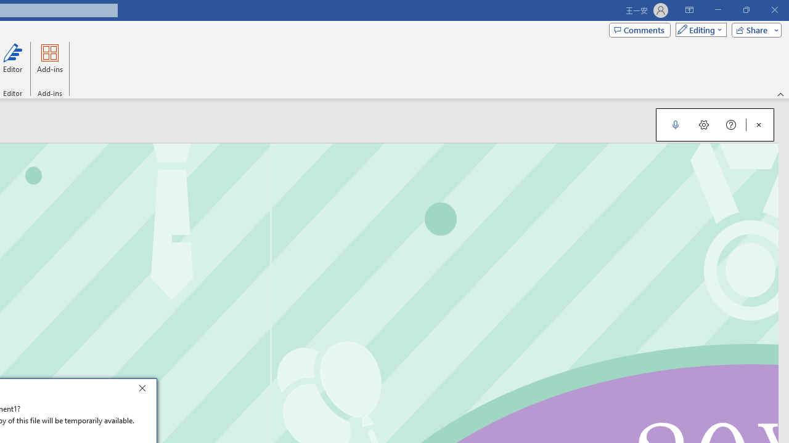 This screenshot has height=443, width=789. What do you see at coordinates (758, 125) in the screenshot?
I see `'Close Dictation'` at bounding box center [758, 125].